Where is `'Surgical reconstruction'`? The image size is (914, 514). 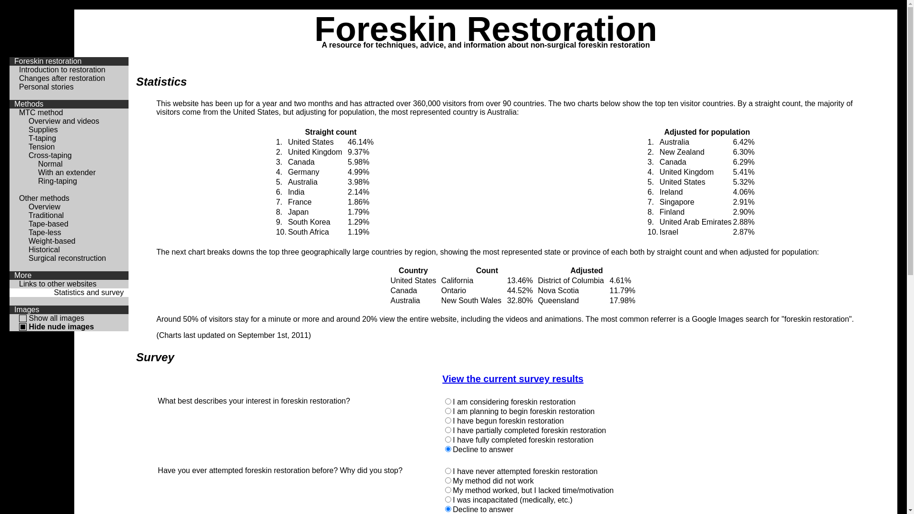 'Surgical reconstruction' is located at coordinates (28, 258).